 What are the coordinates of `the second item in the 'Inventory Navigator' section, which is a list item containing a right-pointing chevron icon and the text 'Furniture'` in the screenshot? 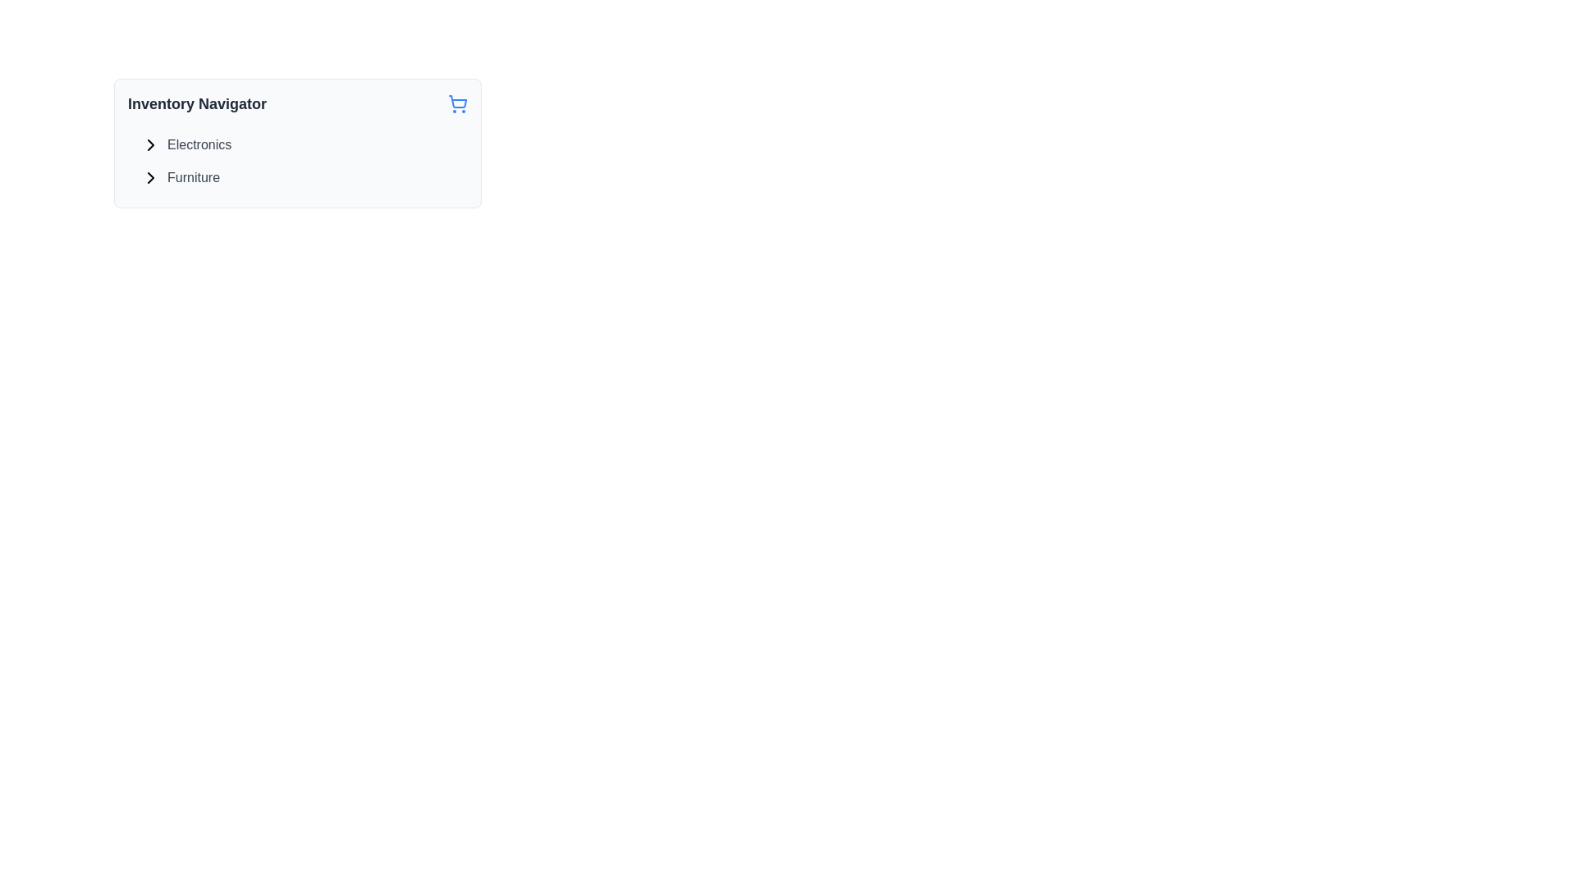 It's located at (181, 177).